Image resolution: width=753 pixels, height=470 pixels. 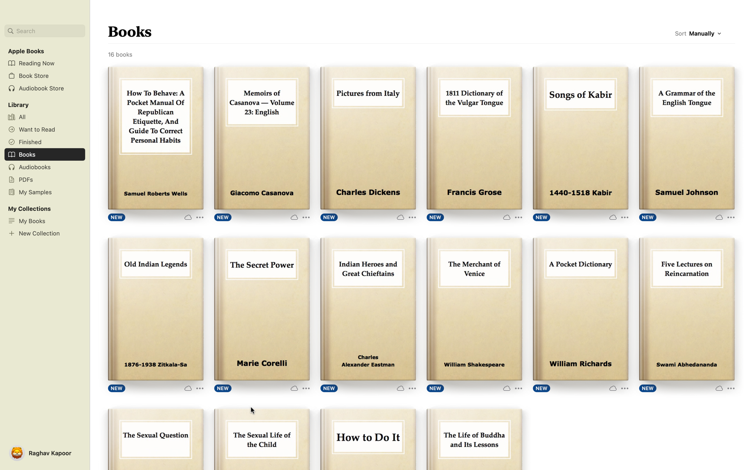 I want to click on Click the three dots to know more about the book "The Secret Power, so click(x=300, y=387).